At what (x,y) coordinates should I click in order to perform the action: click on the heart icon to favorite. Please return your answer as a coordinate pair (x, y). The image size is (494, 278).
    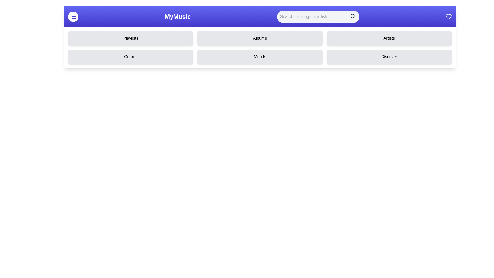
    Looking at the image, I should click on (448, 16).